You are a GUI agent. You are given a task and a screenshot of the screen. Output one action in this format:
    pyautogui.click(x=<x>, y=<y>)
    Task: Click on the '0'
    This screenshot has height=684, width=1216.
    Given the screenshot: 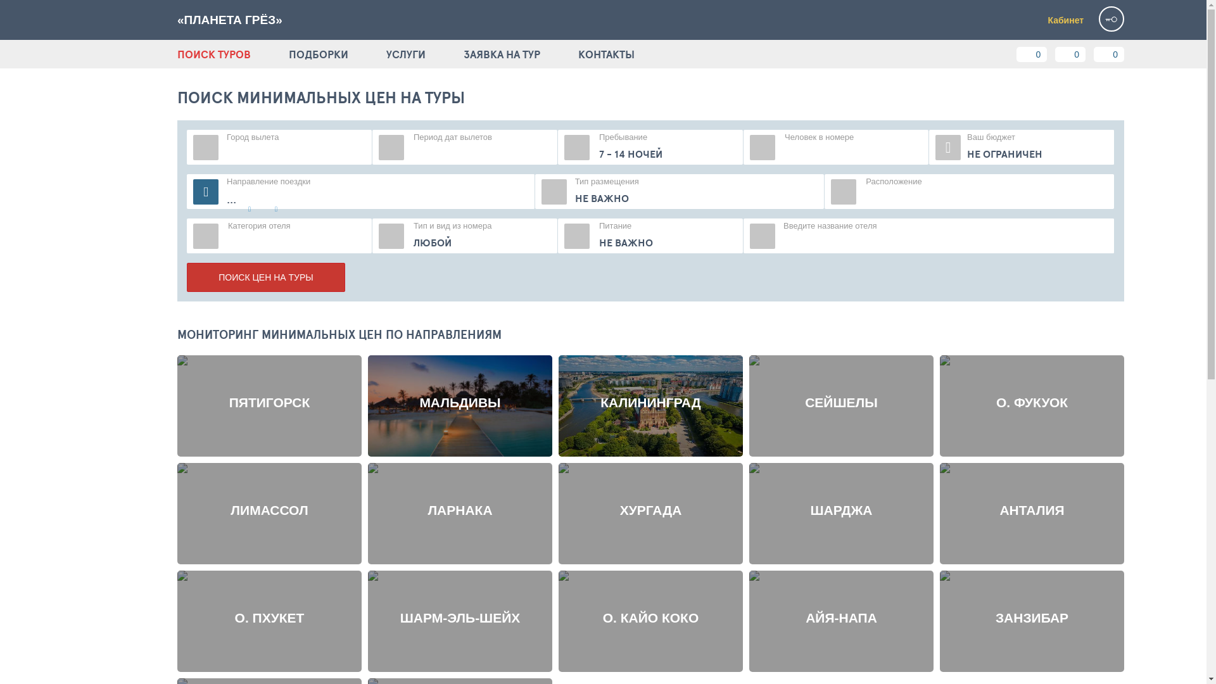 What is the action you would take?
    pyautogui.click(x=1031, y=53)
    